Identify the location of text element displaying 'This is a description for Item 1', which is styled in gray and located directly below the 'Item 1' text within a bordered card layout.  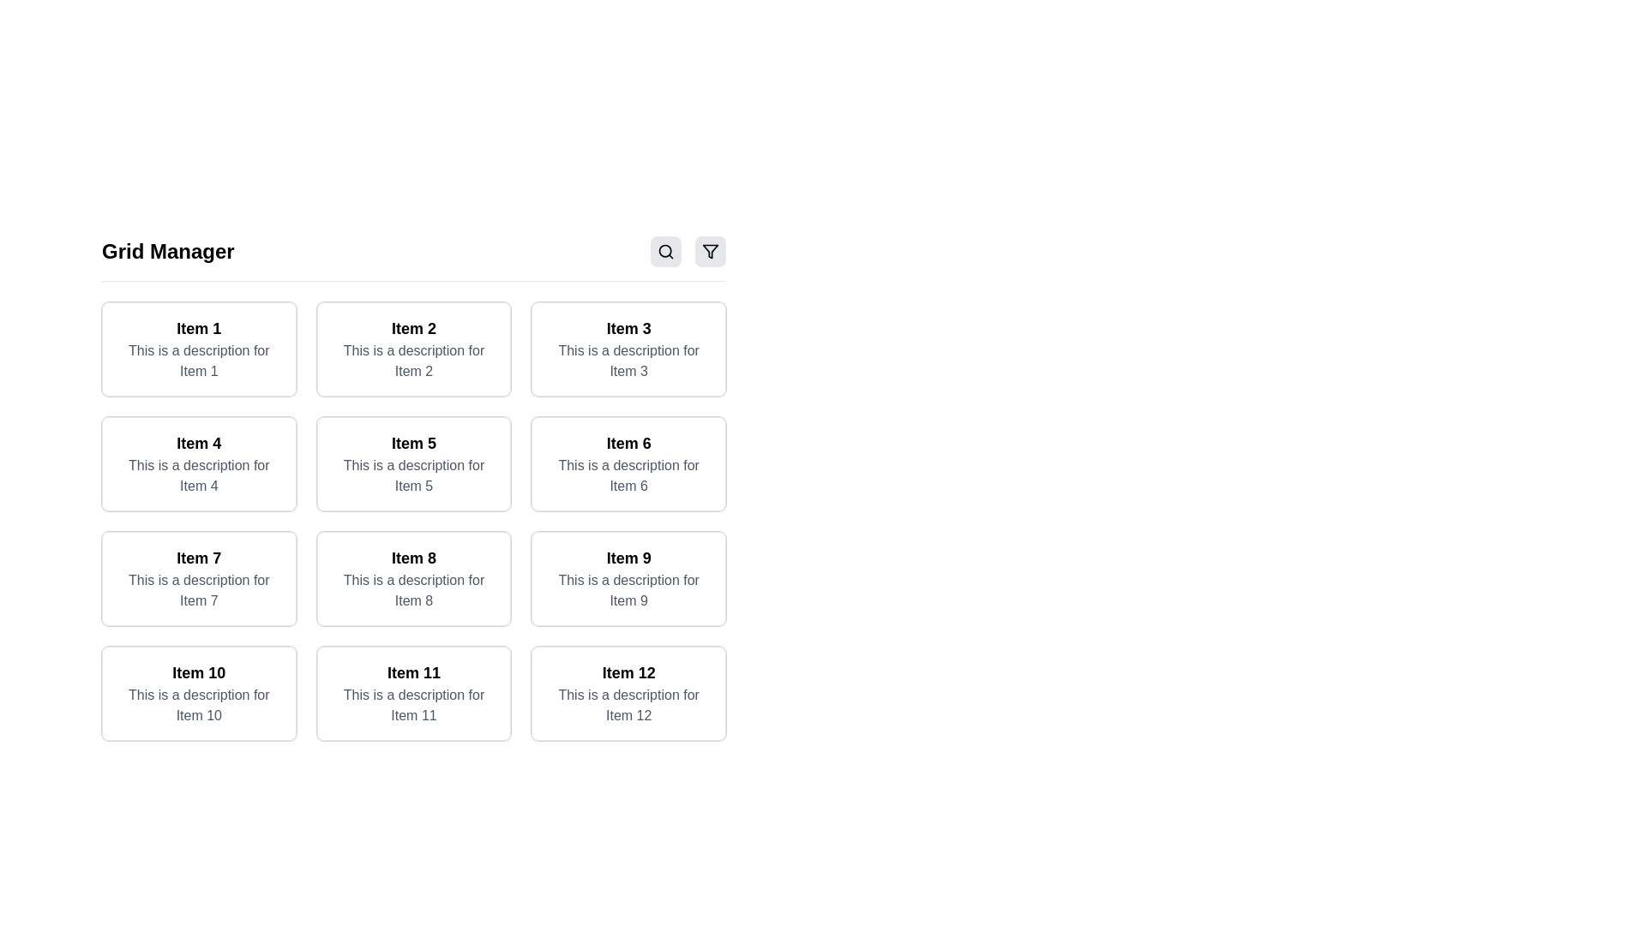
(199, 360).